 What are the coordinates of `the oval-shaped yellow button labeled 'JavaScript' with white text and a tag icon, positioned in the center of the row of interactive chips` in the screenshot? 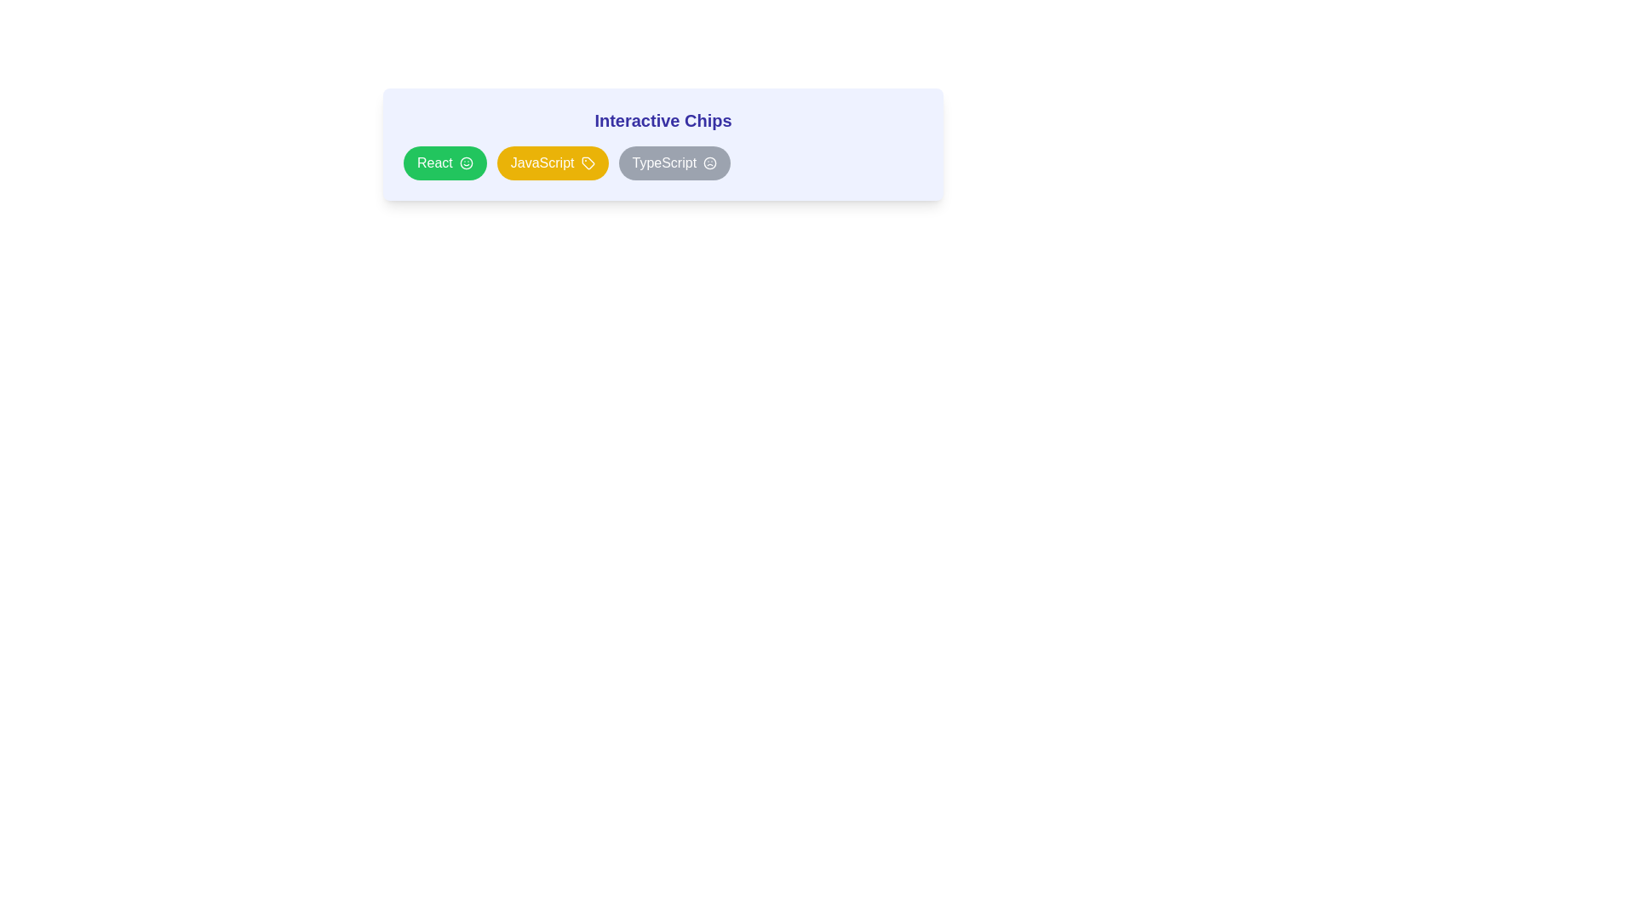 It's located at (552, 163).